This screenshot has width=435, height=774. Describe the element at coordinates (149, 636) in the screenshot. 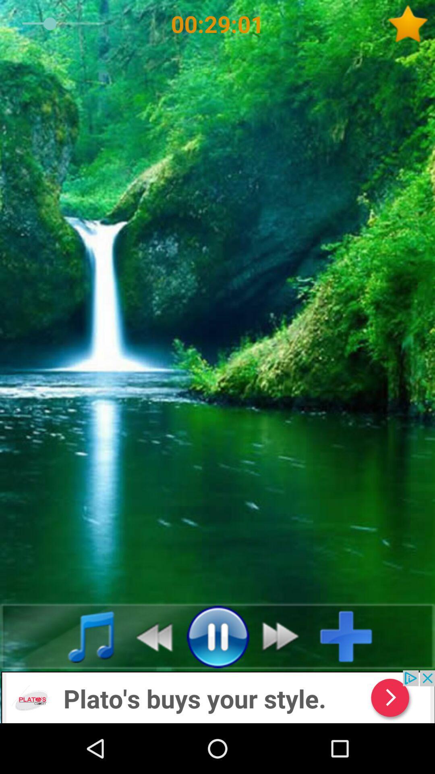

I see `rewind` at that location.